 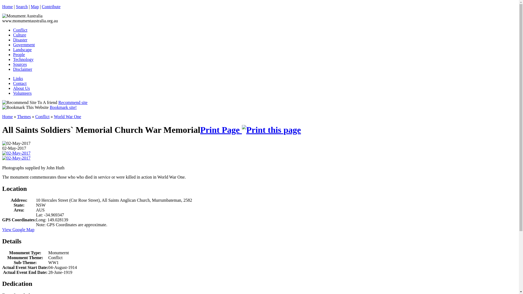 What do you see at coordinates (34, 7) in the screenshot?
I see `'Map'` at bounding box center [34, 7].